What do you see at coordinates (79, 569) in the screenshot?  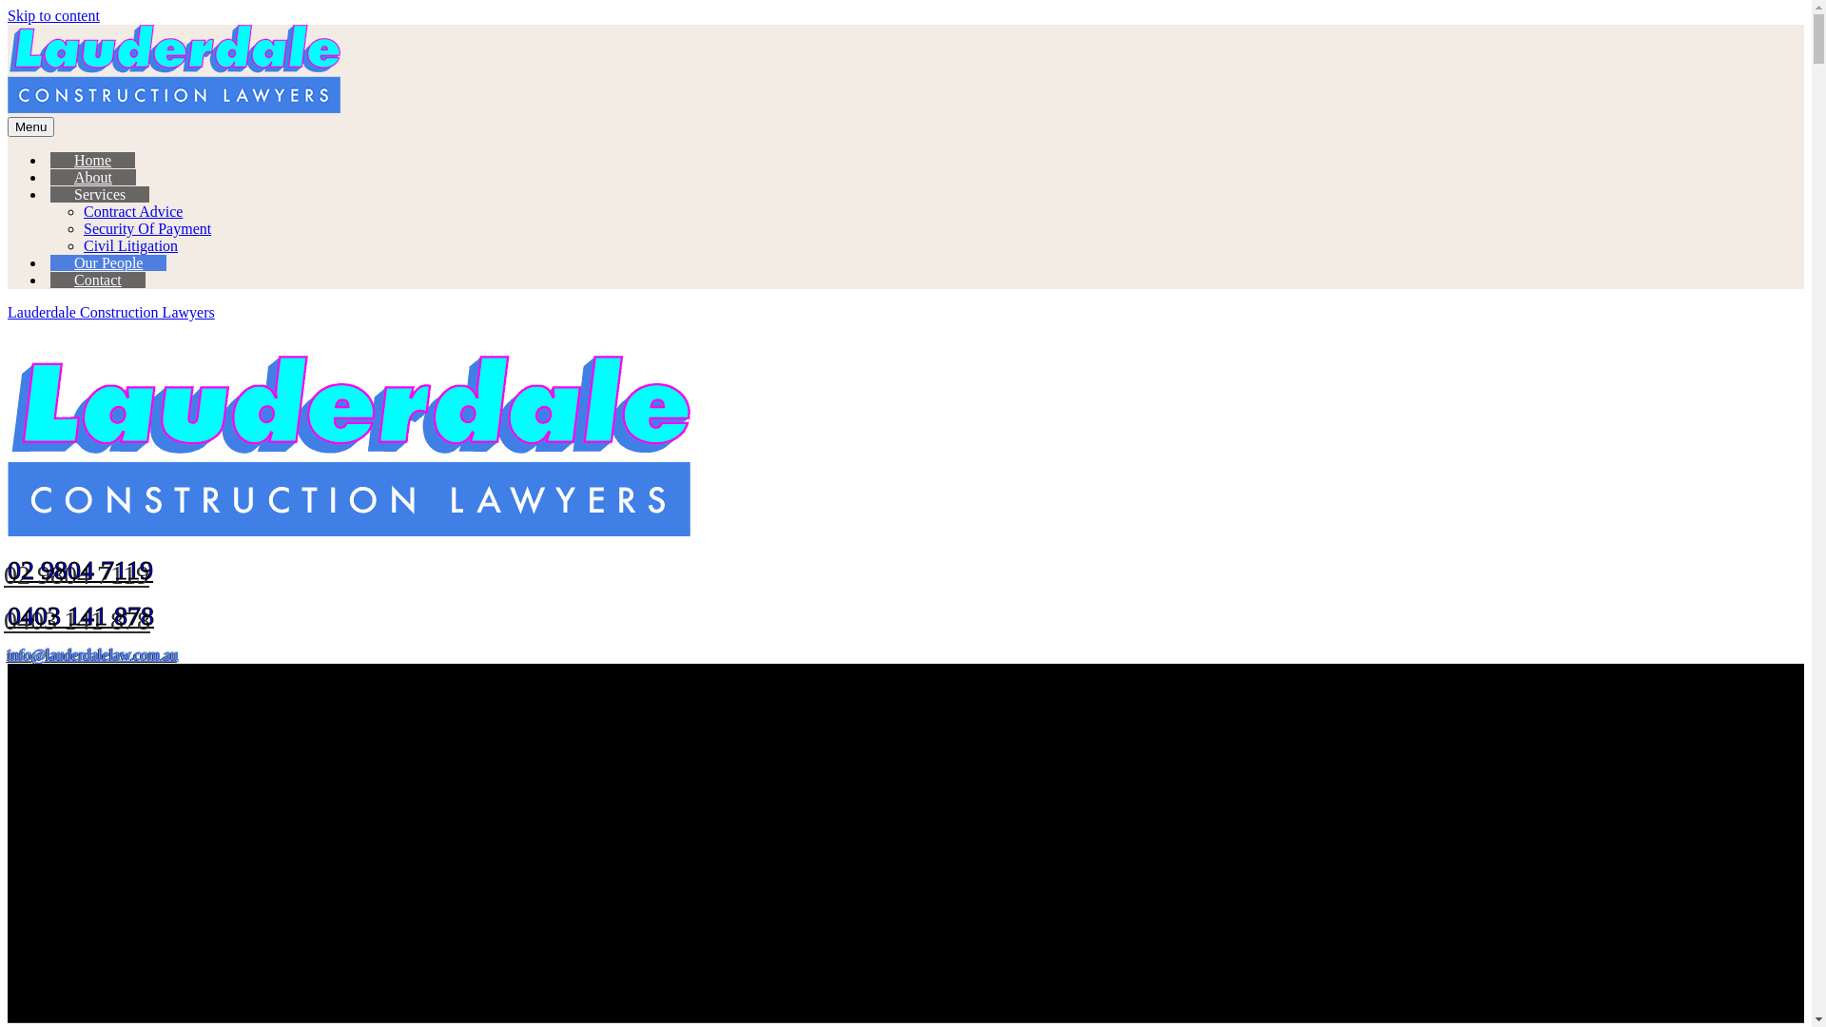 I see `'02 9804 7119'` at bounding box center [79, 569].